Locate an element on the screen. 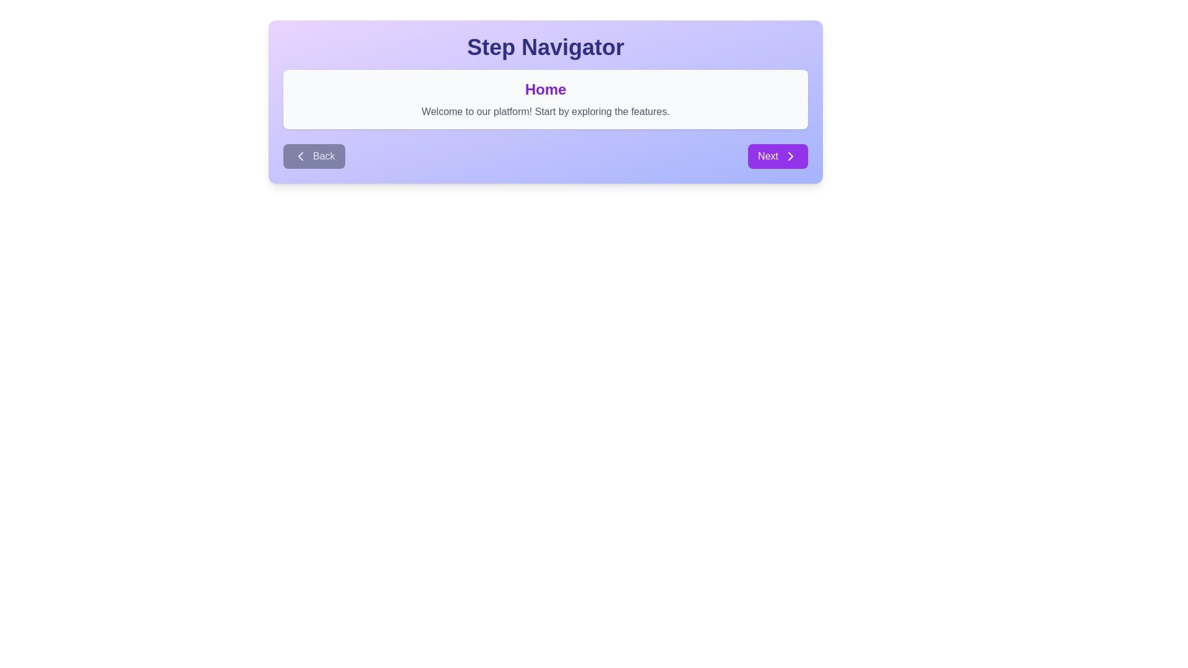 This screenshot has width=1188, height=668. the informational message box located centrally below the 'Step Navigator' header is located at coordinates (545, 99).